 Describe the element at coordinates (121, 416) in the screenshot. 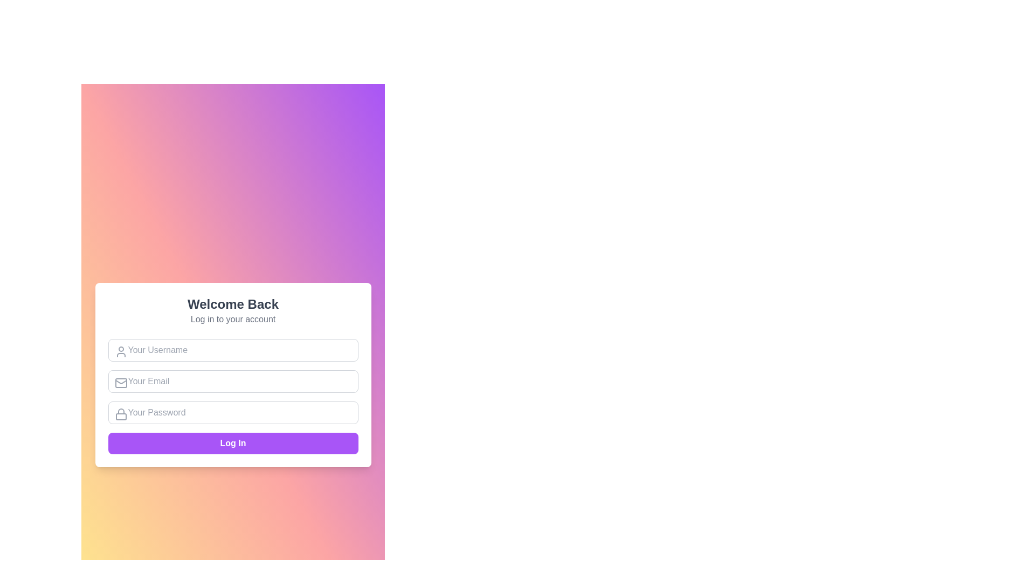

I see `lower part of the lock icon, which is a visual component symbolizing password protection, located to the left of the 'Your Password' input field` at that location.